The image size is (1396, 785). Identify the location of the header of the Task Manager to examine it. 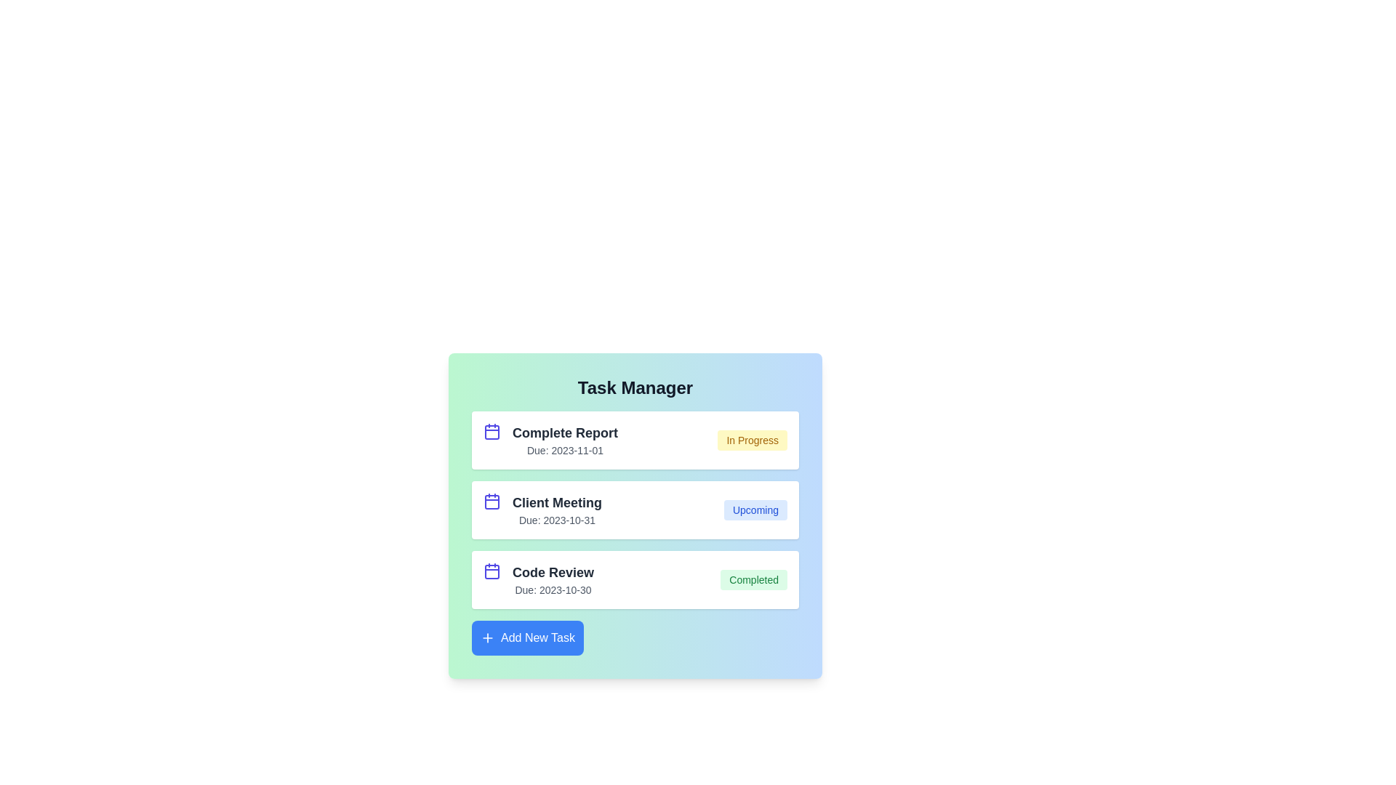
(635, 387).